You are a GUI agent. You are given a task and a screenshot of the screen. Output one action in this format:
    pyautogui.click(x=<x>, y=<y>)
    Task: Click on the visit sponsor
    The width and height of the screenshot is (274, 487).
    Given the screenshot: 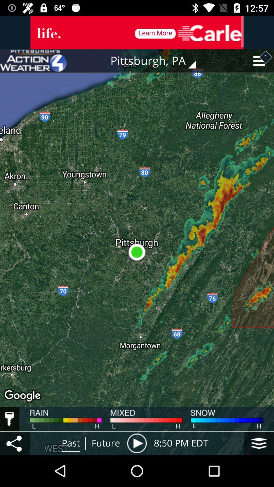 What is the action you would take?
    pyautogui.click(x=137, y=32)
    